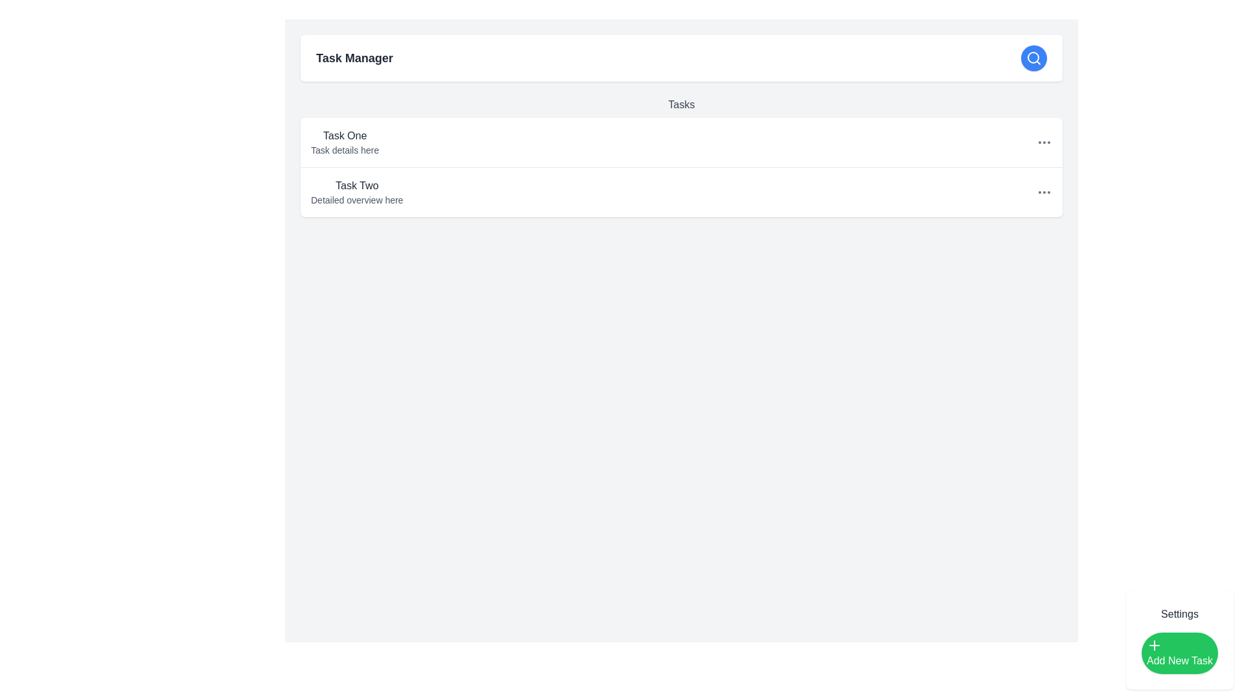  Describe the element at coordinates (345, 149) in the screenshot. I see `the static informational text located directly beneath the 'Task One' label, which provides additional context about the task` at that location.